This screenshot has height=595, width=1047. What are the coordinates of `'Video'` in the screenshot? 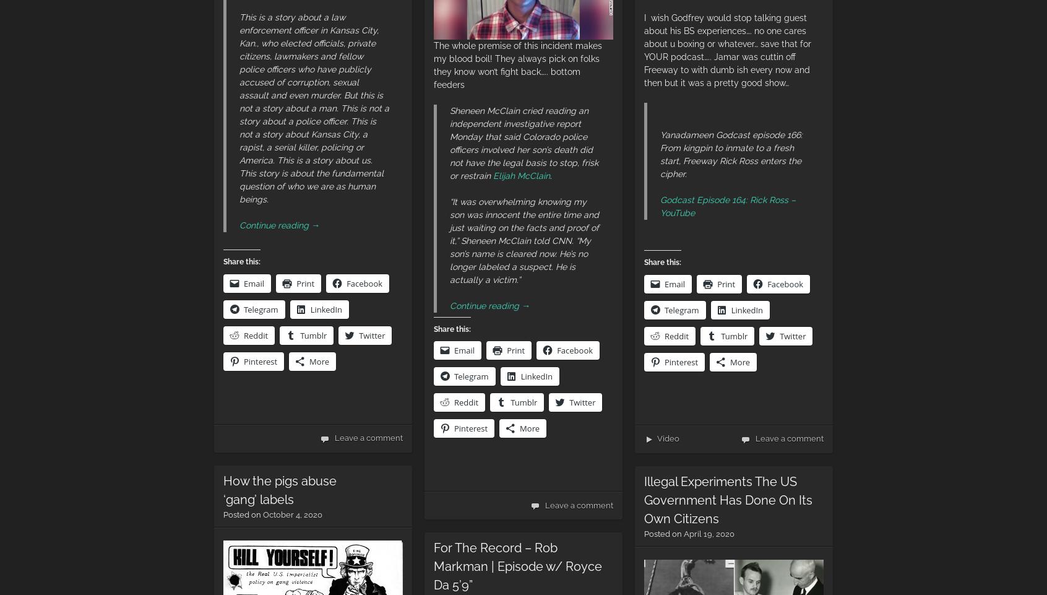 It's located at (668, 438).